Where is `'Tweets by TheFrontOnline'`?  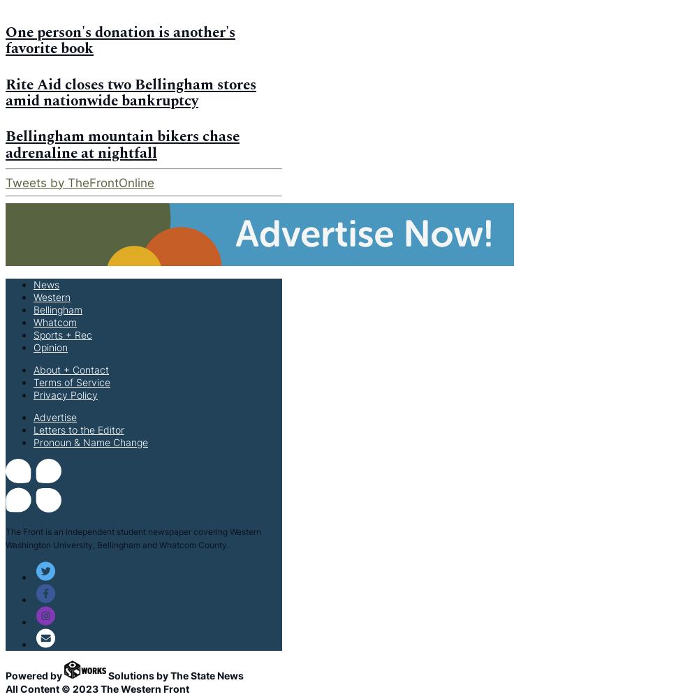
'Tweets by TheFrontOnline' is located at coordinates (80, 181).